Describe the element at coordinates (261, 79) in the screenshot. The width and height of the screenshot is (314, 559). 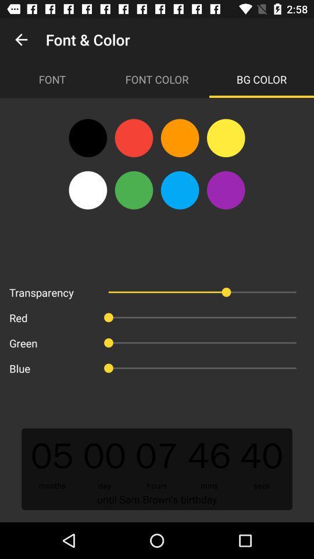
I see `the icon next to font color icon` at that location.